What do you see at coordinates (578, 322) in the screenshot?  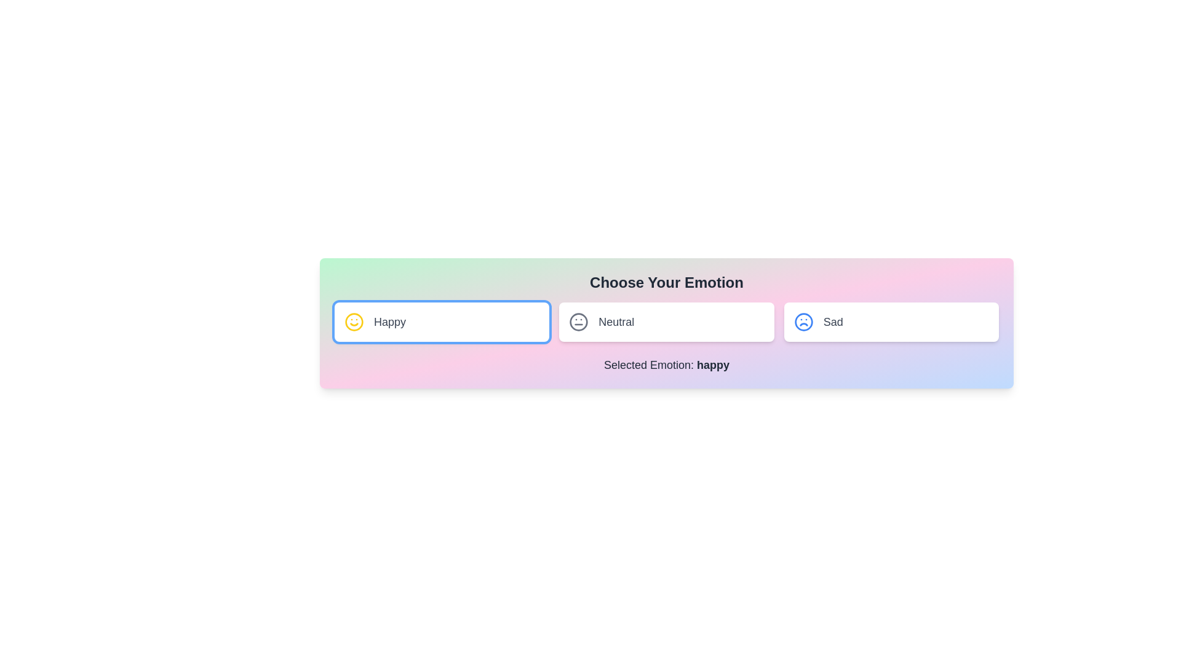 I see `the neutral expression icon, which is a circular face with gray color and simple line art, located to the left of the text 'Neutral' in the center of the UI` at bounding box center [578, 322].